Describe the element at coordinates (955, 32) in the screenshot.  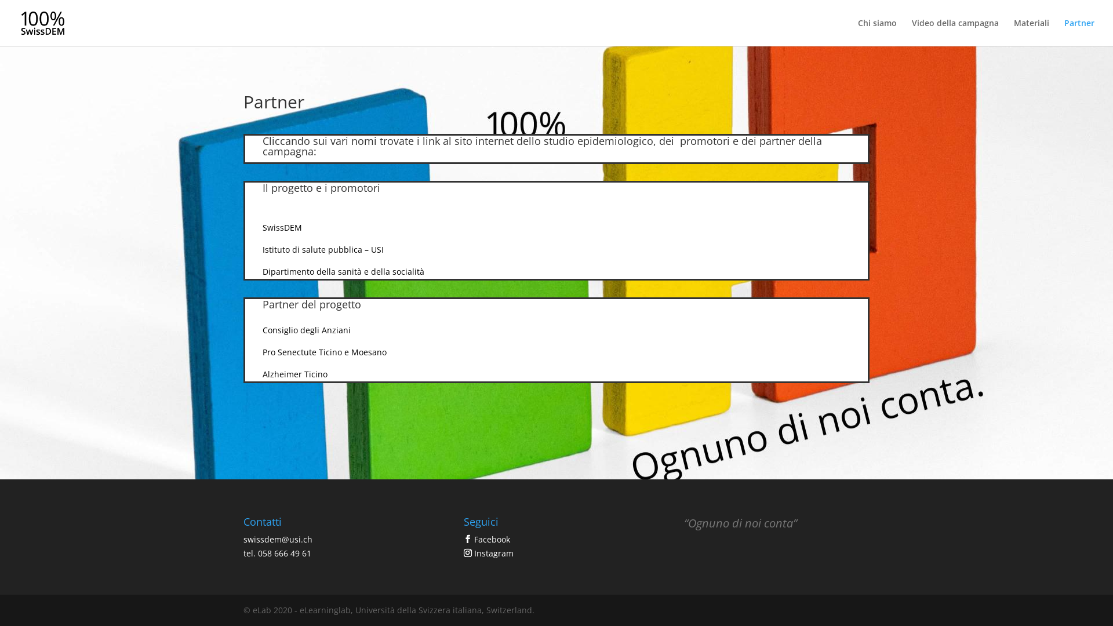
I see `'Video della campagna'` at that location.